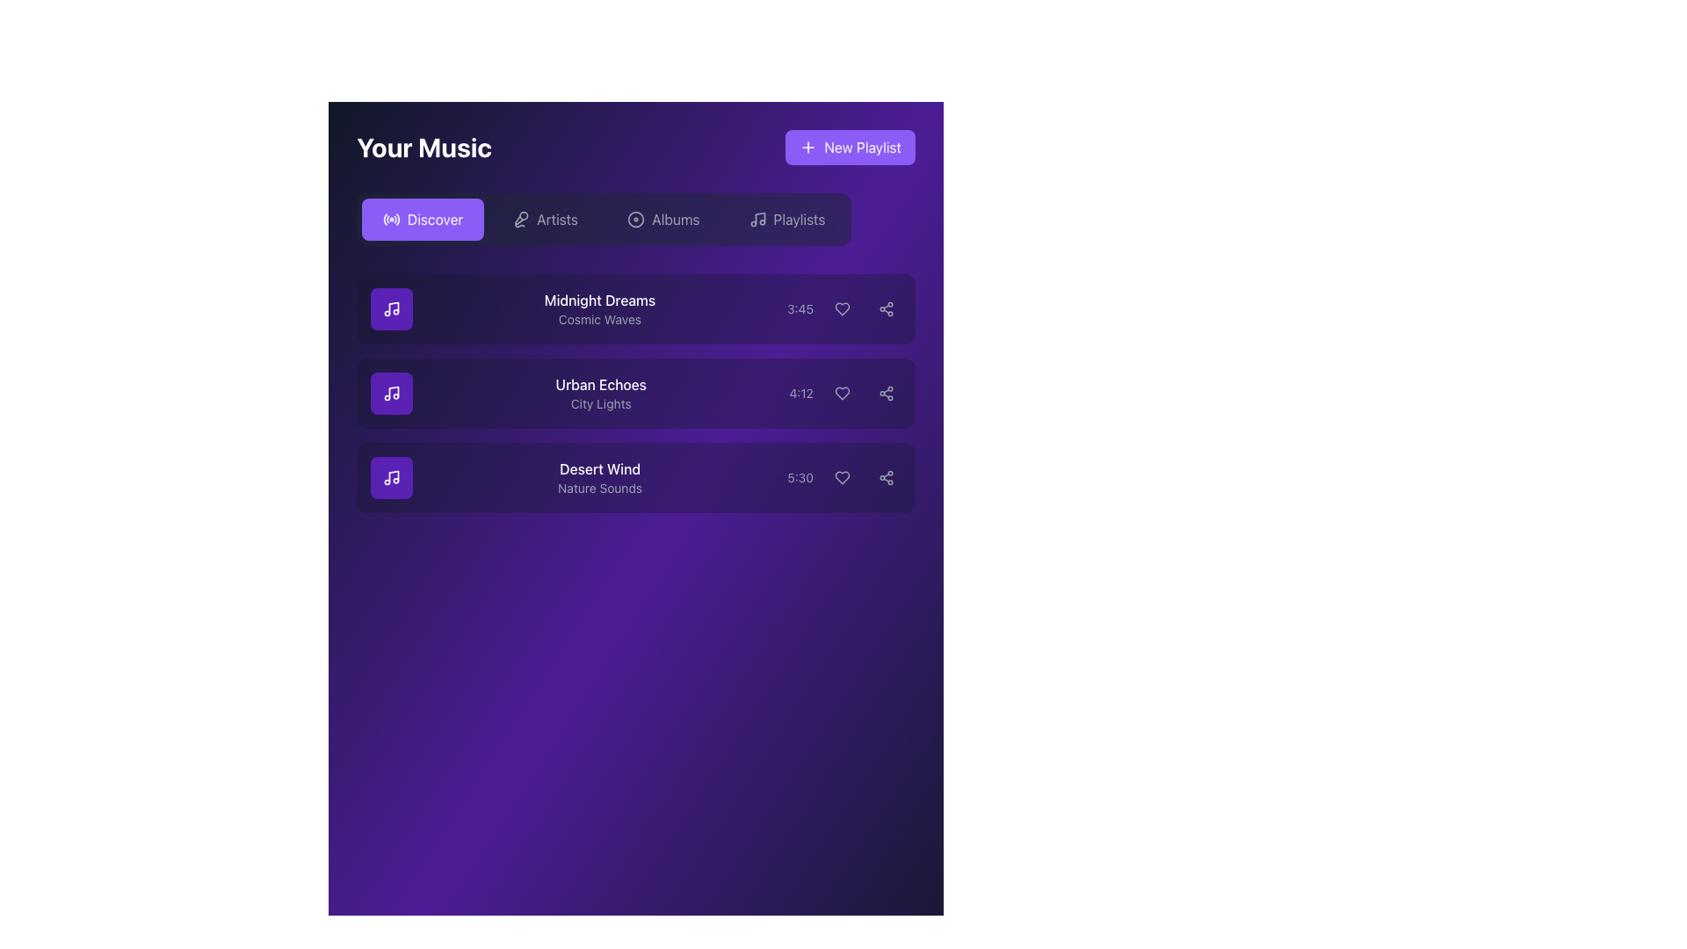 The image size is (1687, 949). Describe the element at coordinates (886, 477) in the screenshot. I see `the sharing button located to the right of the song title 'Desert Wind', which is part of the control group for that song` at that location.